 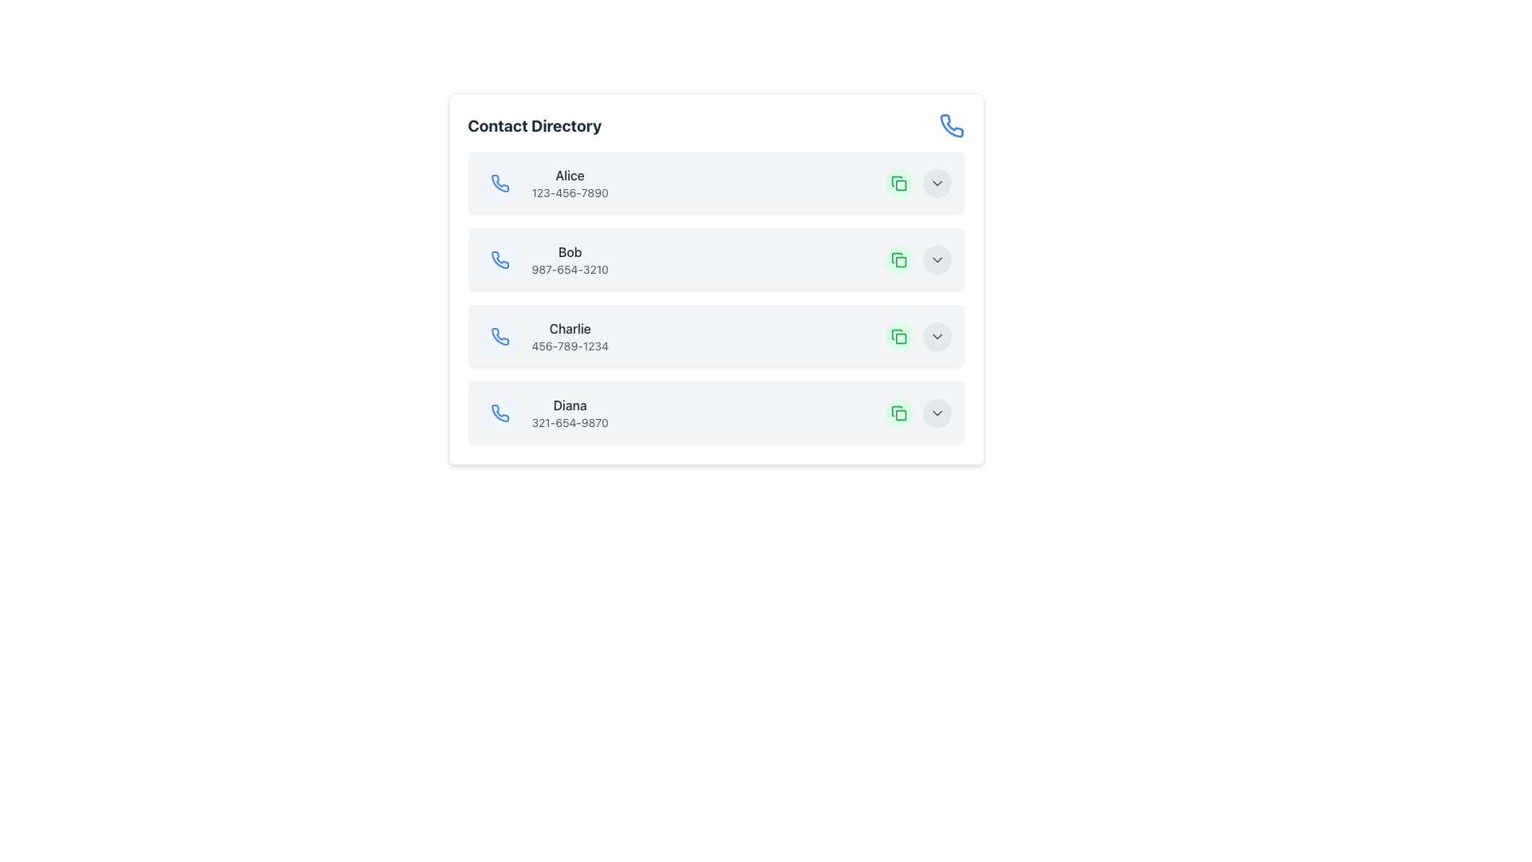 What do you see at coordinates (544, 335) in the screenshot?
I see `the Contact Entry Row displaying the name 'Charlie' and phone number '456-789-1234', which is the third row in the contact directory` at bounding box center [544, 335].